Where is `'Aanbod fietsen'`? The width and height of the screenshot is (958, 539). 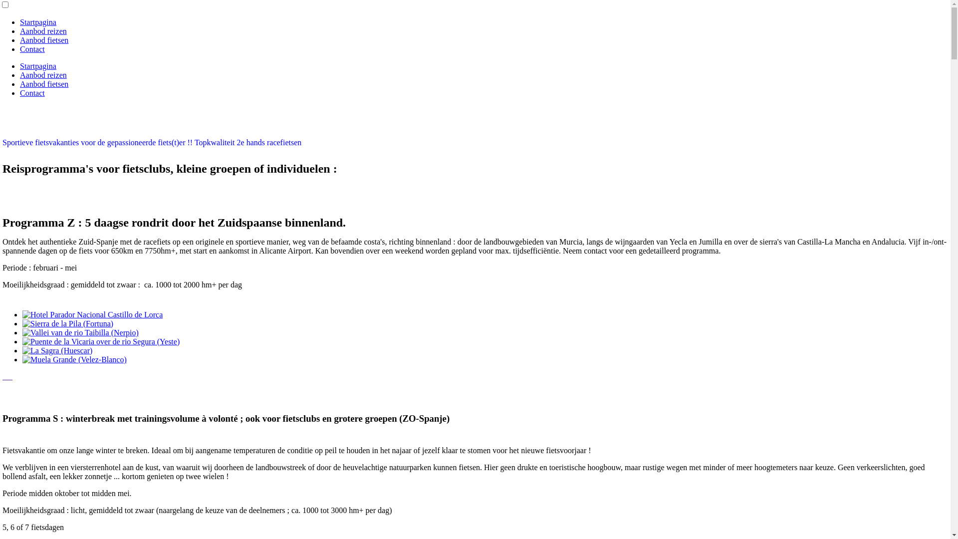 'Aanbod fietsen' is located at coordinates (19, 39).